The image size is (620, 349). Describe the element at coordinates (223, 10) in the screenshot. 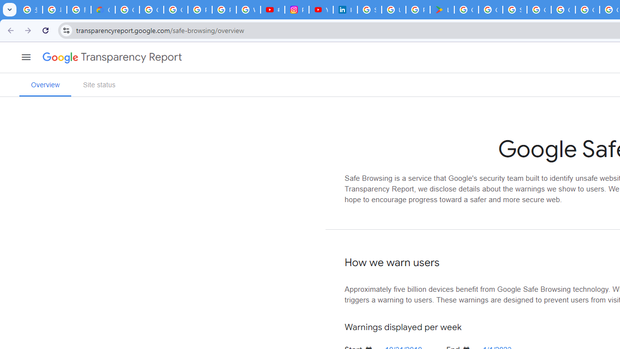

I see `'Privacy Help Center - Policies Help'` at that location.